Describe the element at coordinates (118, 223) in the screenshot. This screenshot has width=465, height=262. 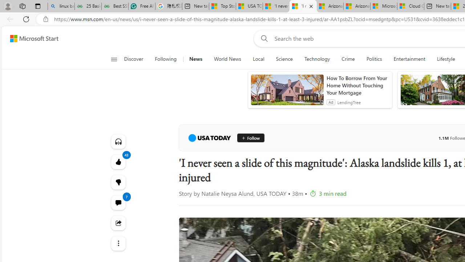
I see `'Share this story'` at that location.